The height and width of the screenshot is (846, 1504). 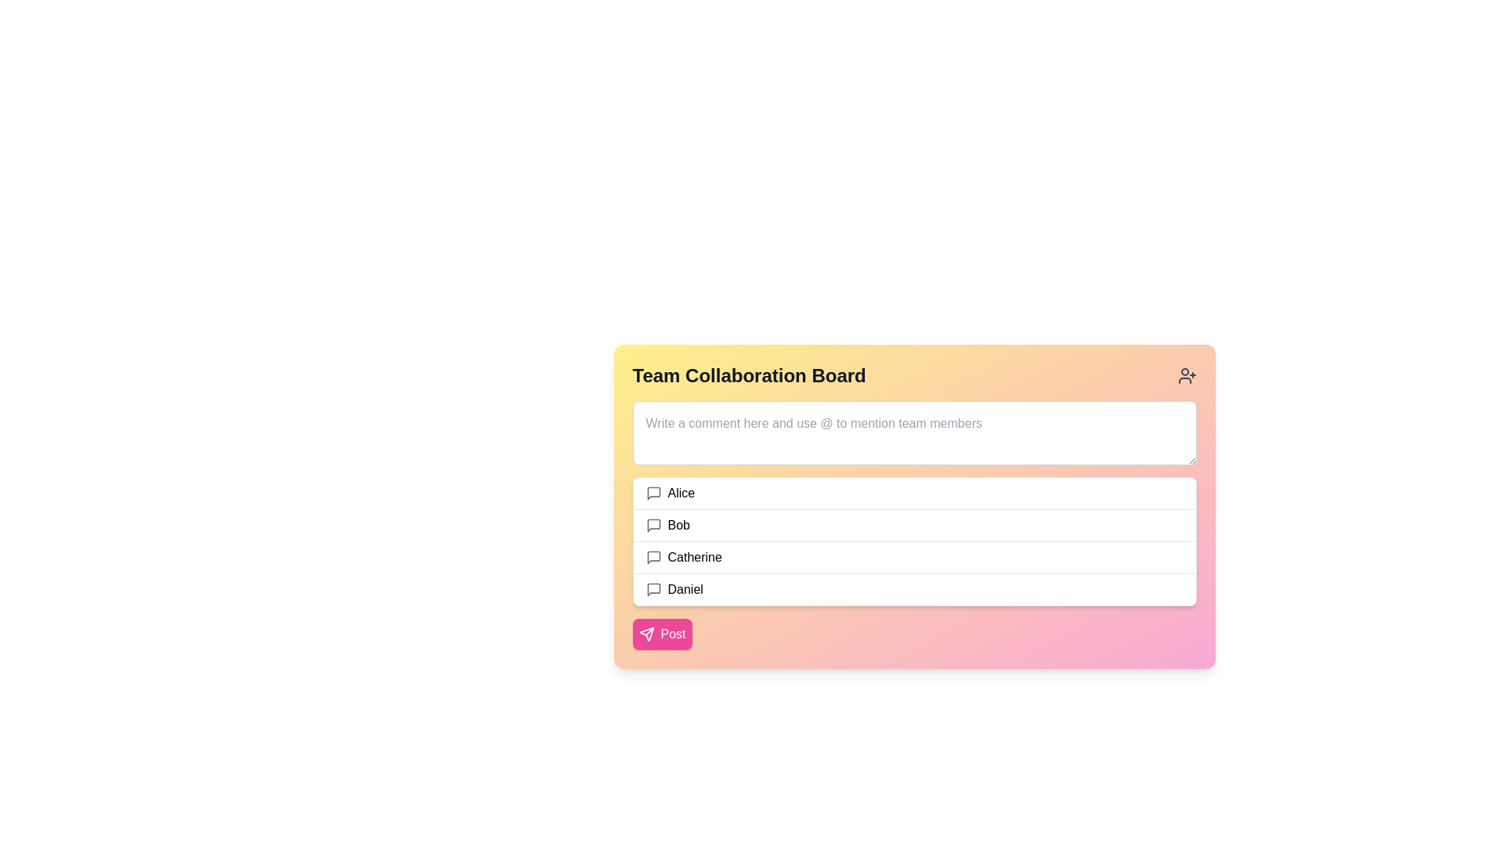 What do you see at coordinates (653, 492) in the screenshot?
I see `the speech bubble icon next to 'Alice' in the 'Team Collaboration Board' section` at bounding box center [653, 492].